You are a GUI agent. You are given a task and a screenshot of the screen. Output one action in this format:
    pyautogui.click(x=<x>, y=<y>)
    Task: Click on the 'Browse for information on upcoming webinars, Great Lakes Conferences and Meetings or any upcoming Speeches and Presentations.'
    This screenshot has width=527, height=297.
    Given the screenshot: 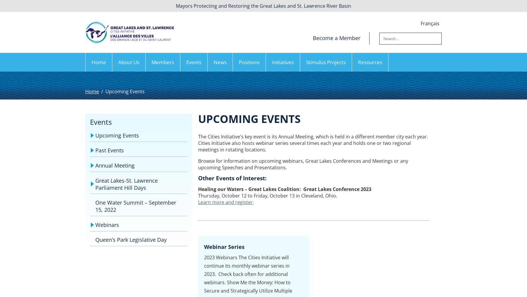 What is the action you would take?
    pyautogui.click(x=303, y=164)
    